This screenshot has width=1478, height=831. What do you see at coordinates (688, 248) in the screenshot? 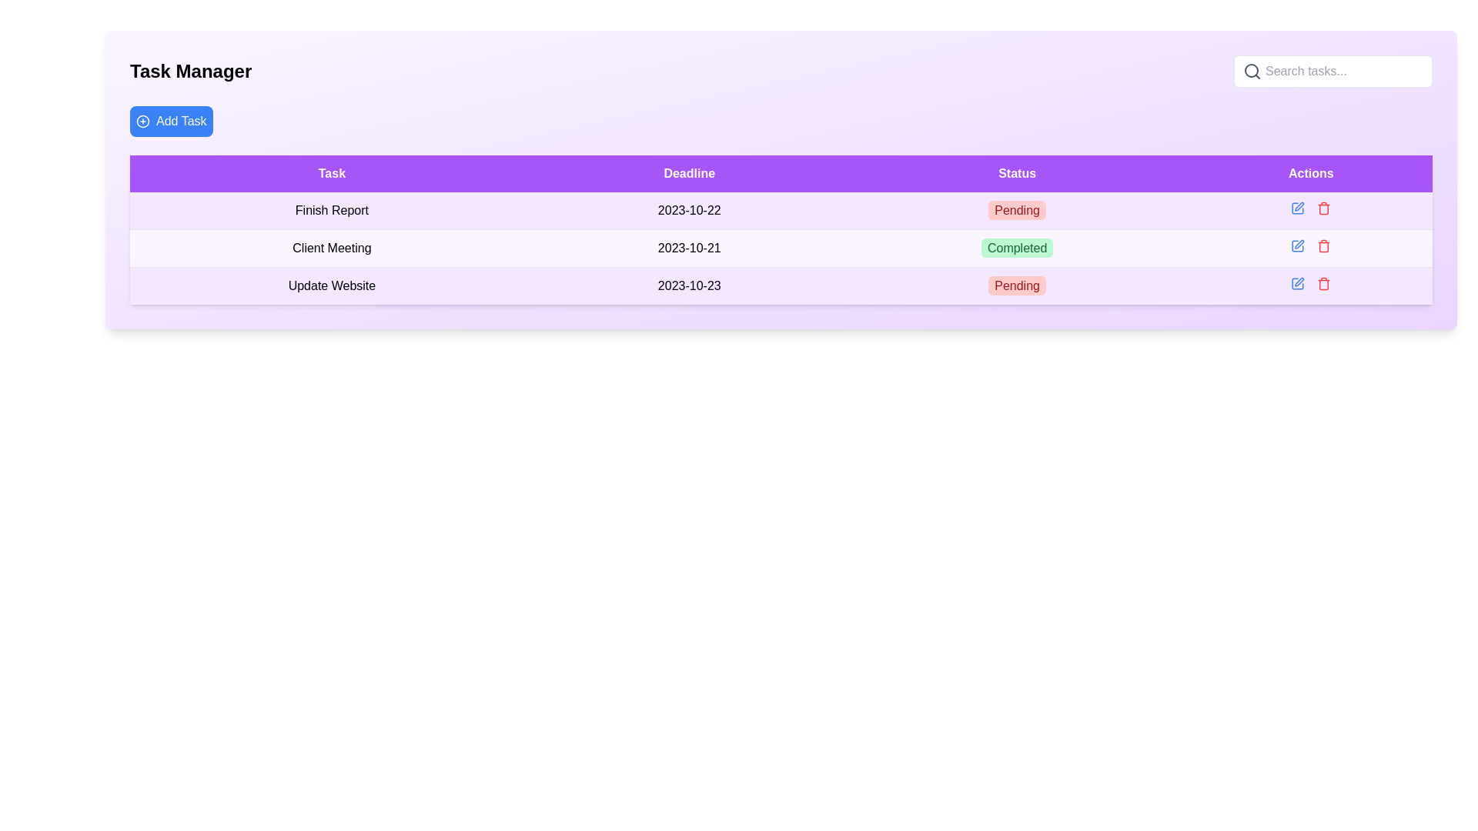
I see `displayed text '2023-10-21' from the Text label in the 'Deadline' column of the task management table` at bounding box center [688, 248].